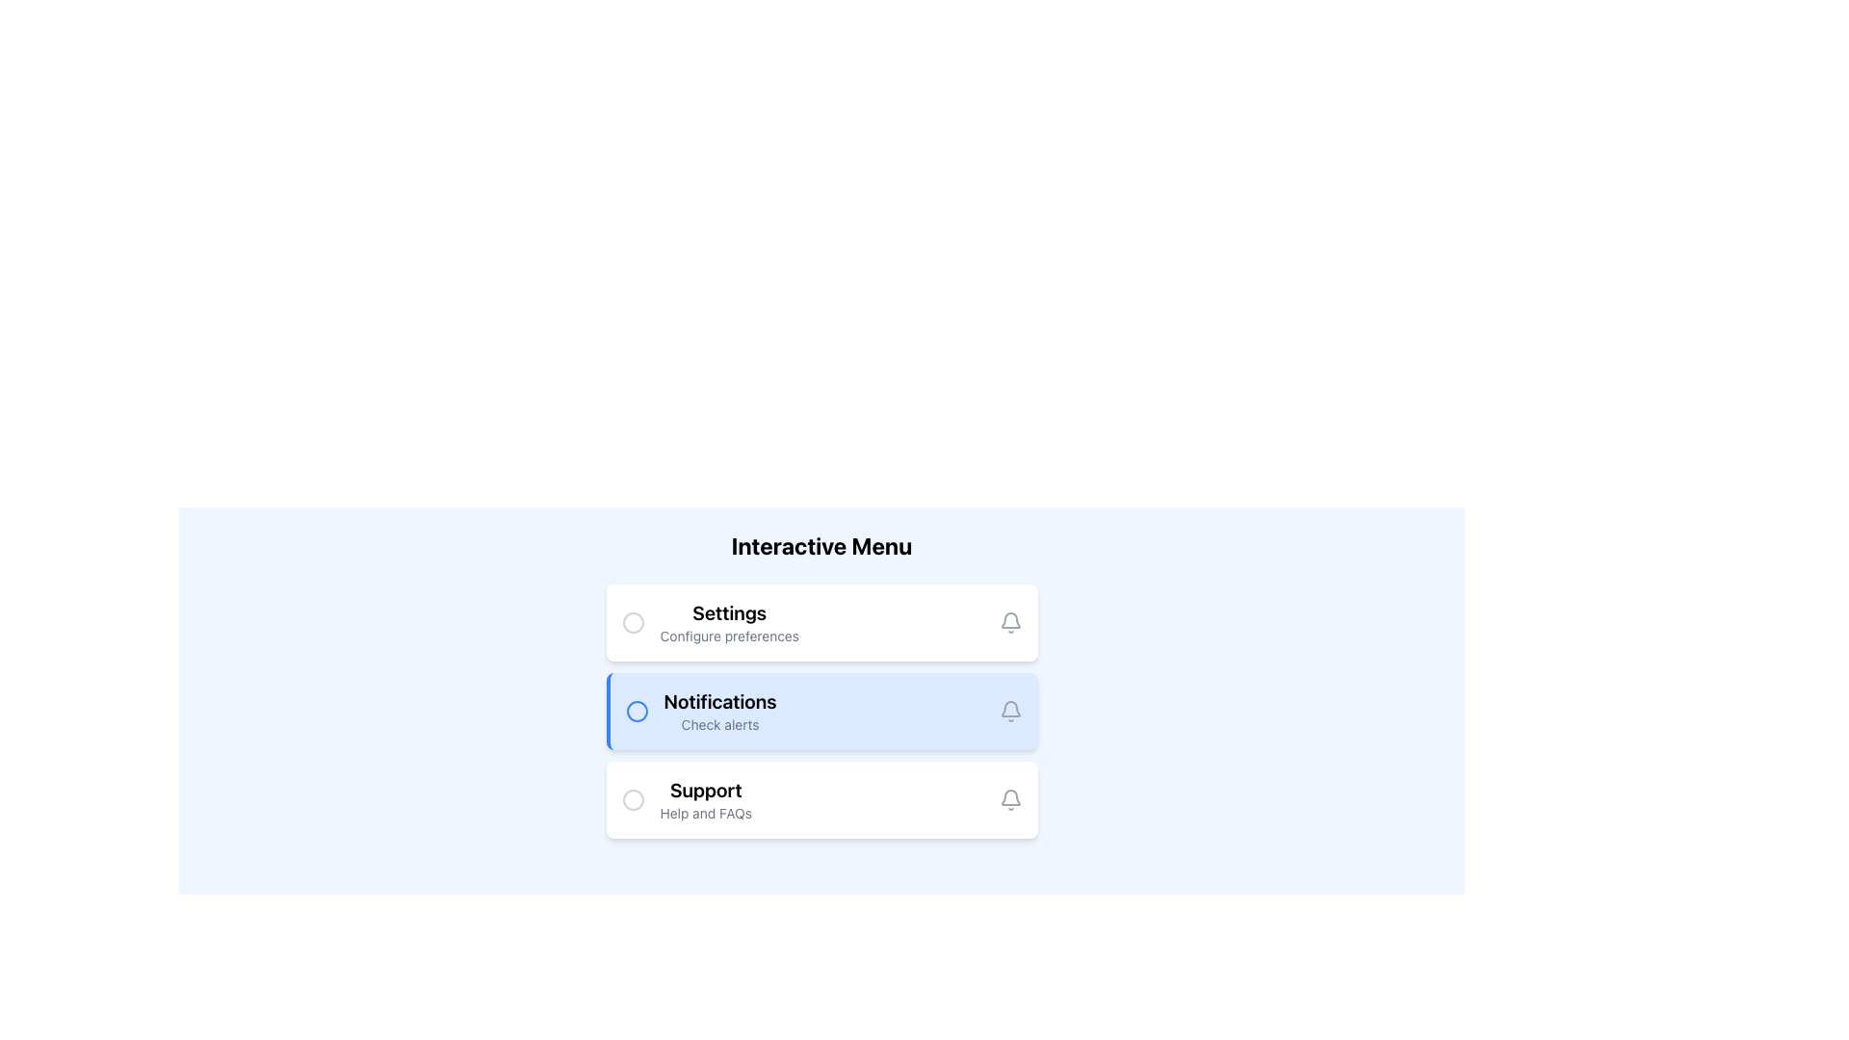  I want to click on the clickable menu item, so click(719, 712).